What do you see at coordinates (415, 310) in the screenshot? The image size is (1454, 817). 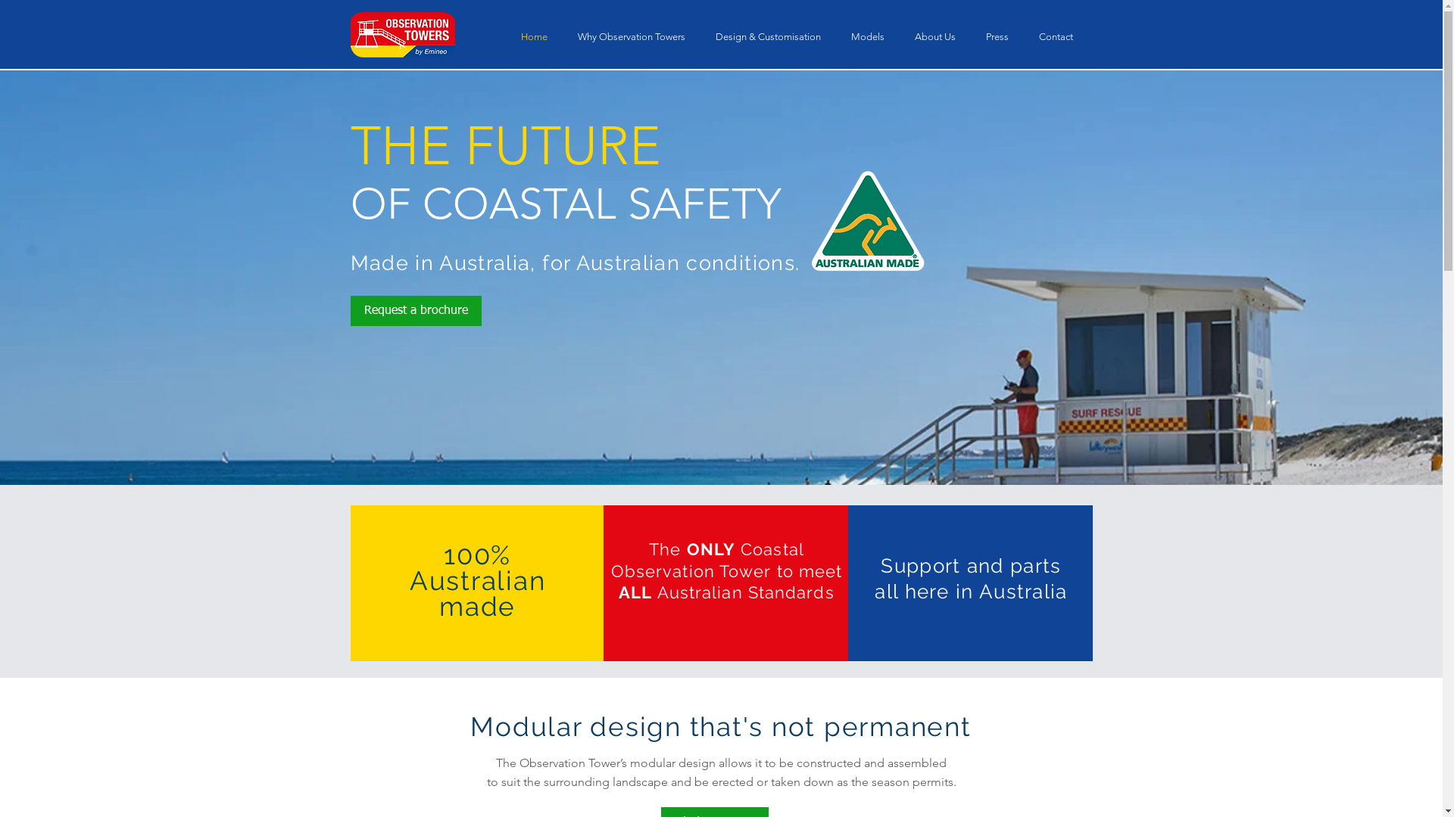 I see `'Request a brochure'` at bounding box center [415, 310].